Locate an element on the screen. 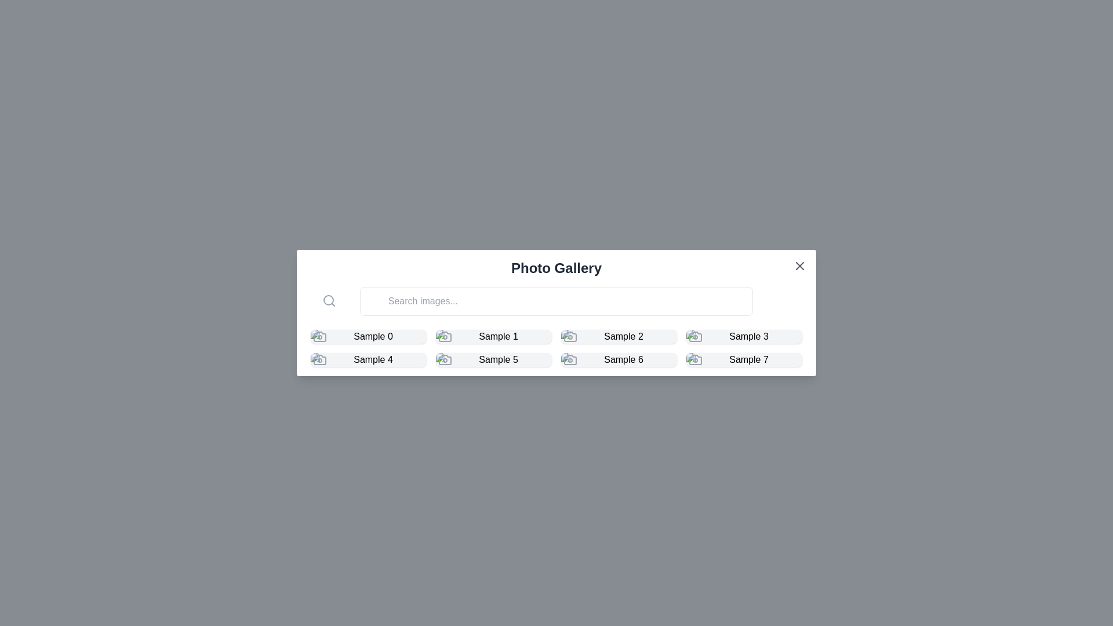 This screenshot has width=1113, height=626. on the Gallery card labeled 'Sample 2' which is located in the third column of the first row in the grid layout is located at coordinates (619, 337).